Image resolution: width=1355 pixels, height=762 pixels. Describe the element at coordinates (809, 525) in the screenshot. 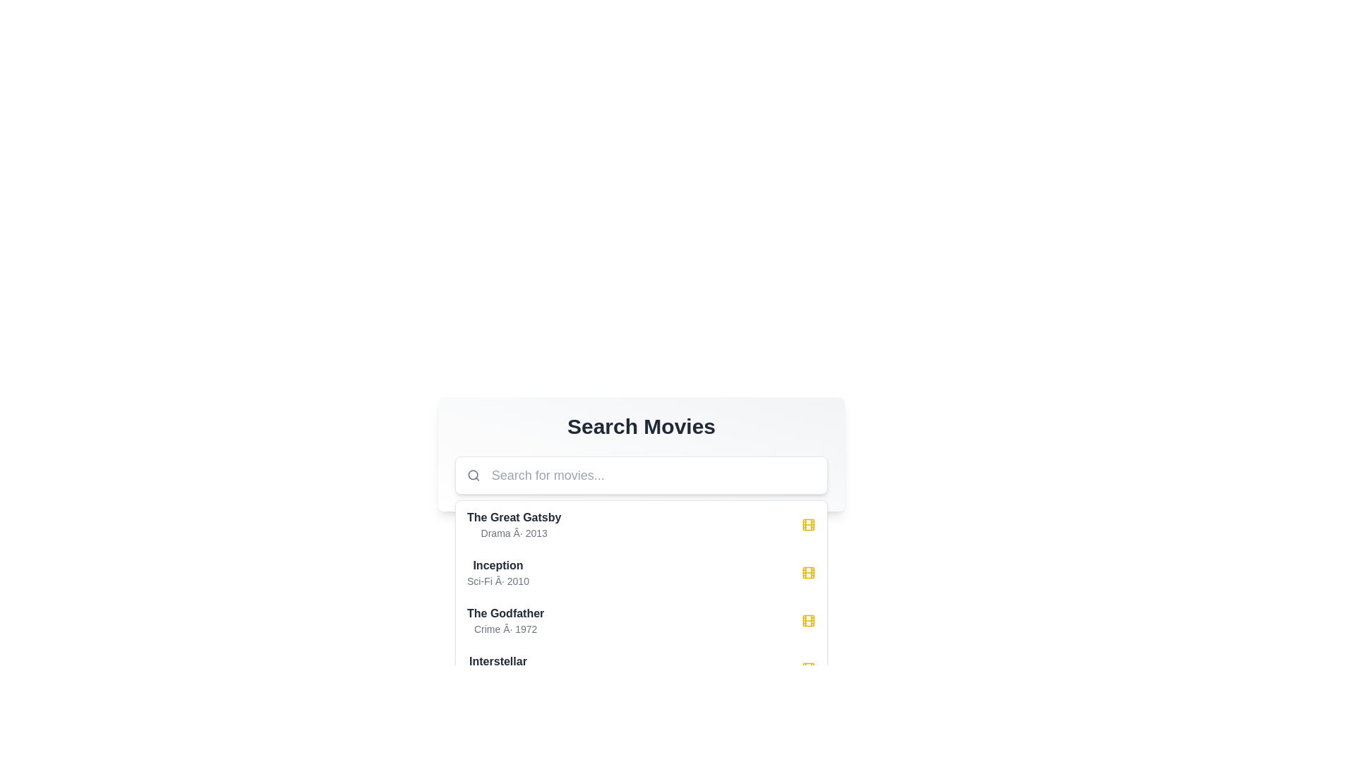

I see `the rectangular decorative element within the SVG-based icon, styled with a yellow border, located in the movie search interface, to the right of a movie's title` at that location.